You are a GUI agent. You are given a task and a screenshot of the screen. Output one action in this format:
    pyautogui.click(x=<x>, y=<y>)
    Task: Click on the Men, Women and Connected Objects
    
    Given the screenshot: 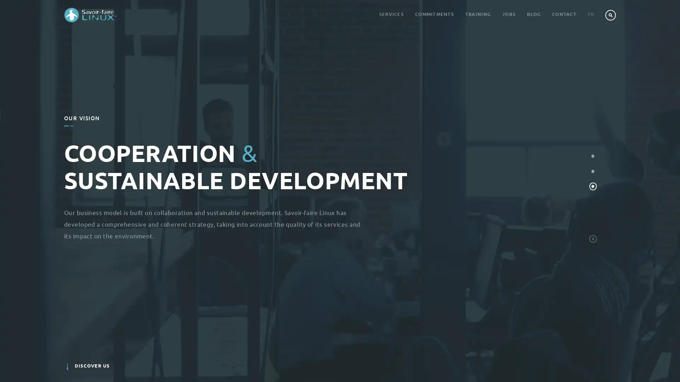 What is the action you would take?
    pyautogui.click(x=593, y=171)
    